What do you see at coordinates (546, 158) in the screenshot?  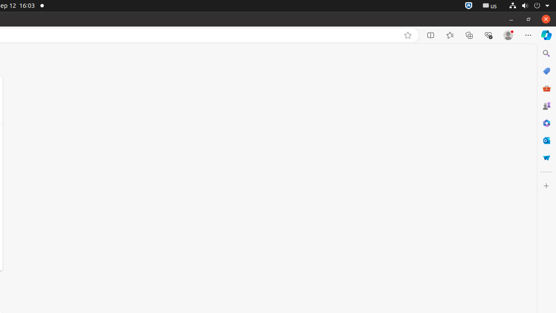 I see `'Drop'` at bounding box center [546, 158].